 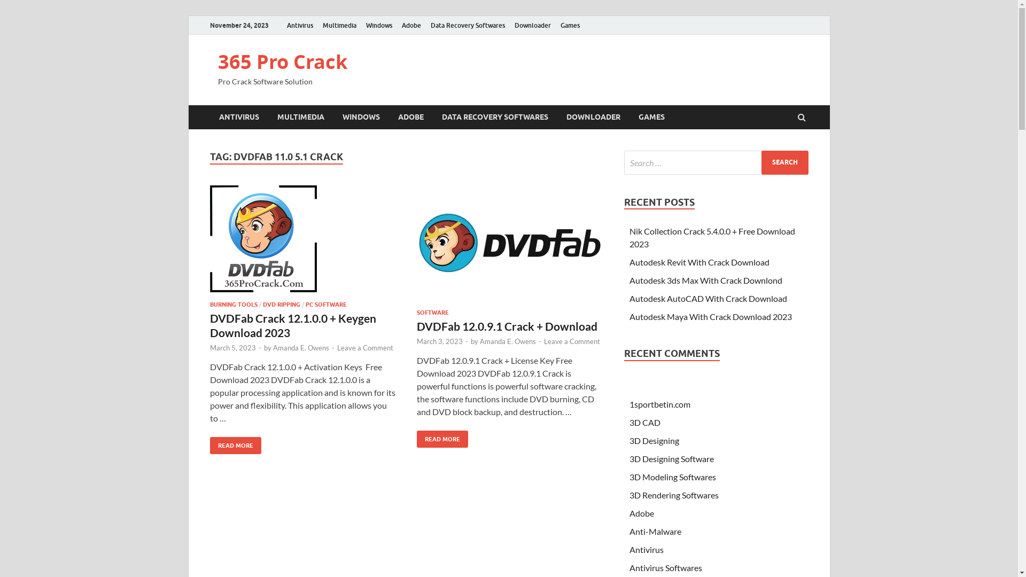 I want to click on 'Adobe', so click(x=410, y=25).